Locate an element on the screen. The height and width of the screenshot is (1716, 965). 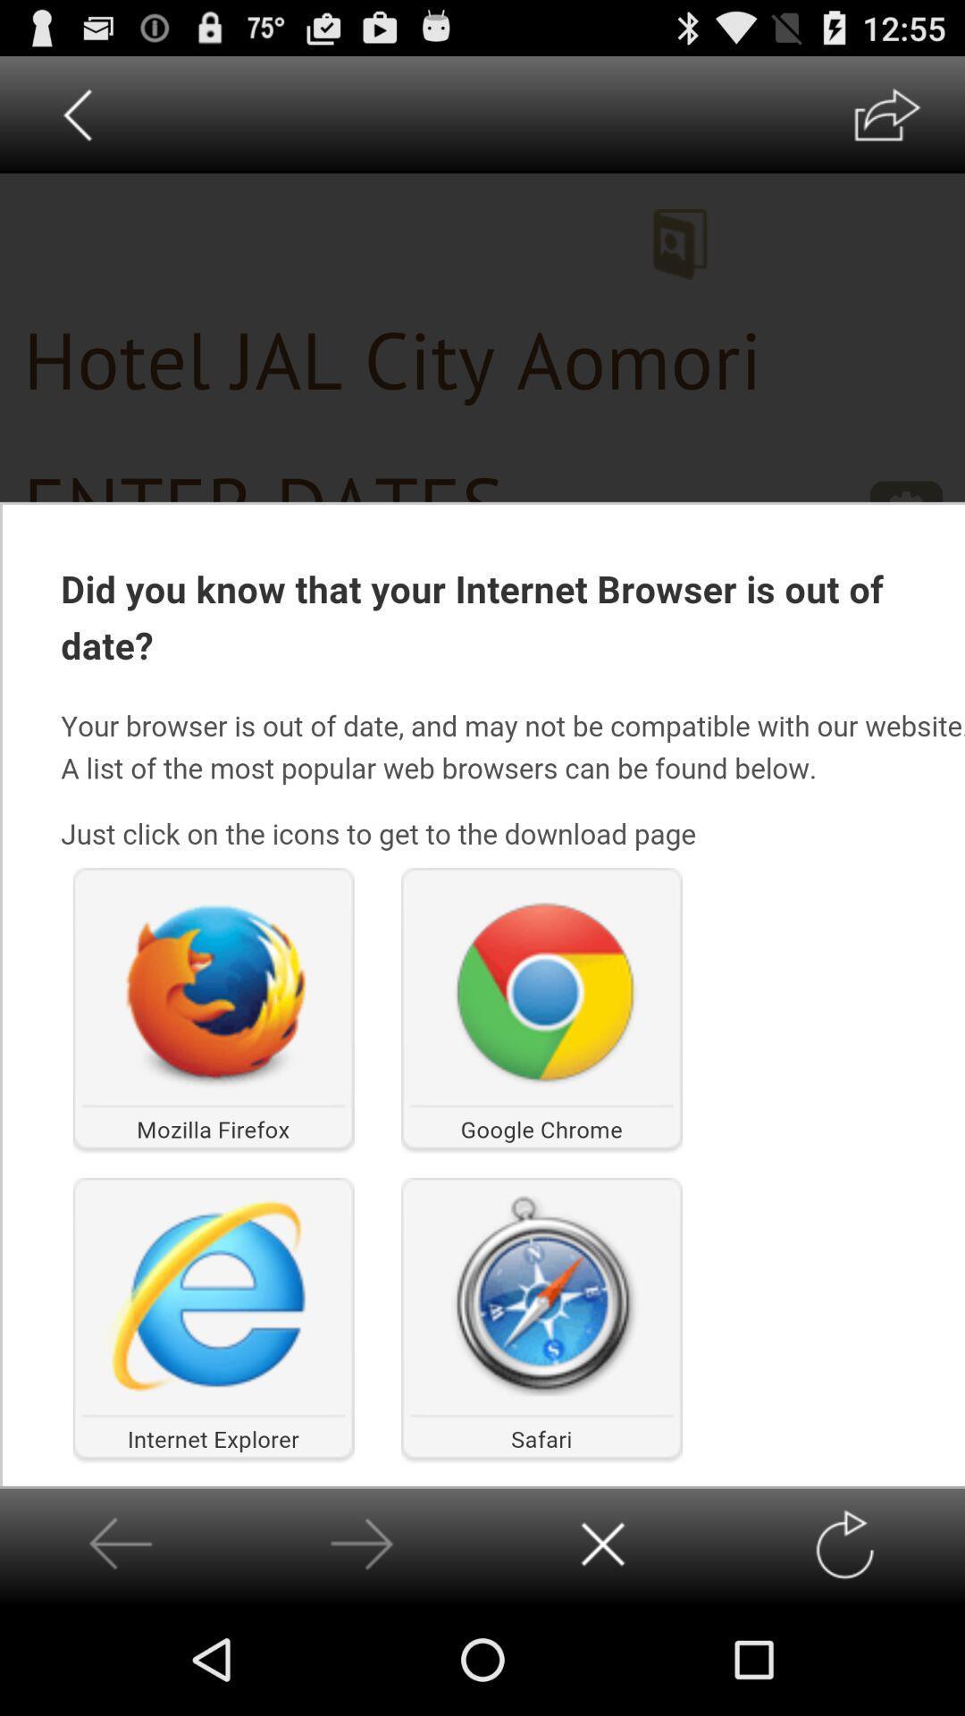
go forward is located at coordinates (844, 1544).